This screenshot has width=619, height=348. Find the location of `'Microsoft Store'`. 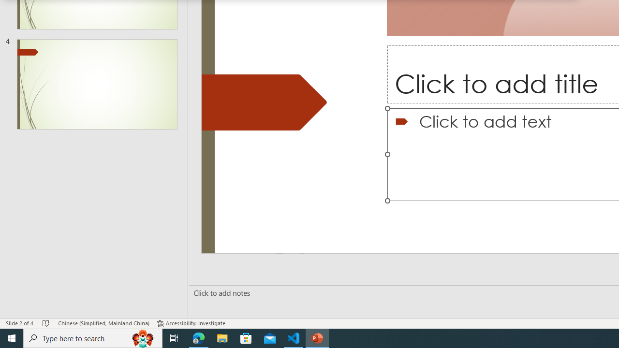

'Microsoft Store' is located at coordinates (246, 337).